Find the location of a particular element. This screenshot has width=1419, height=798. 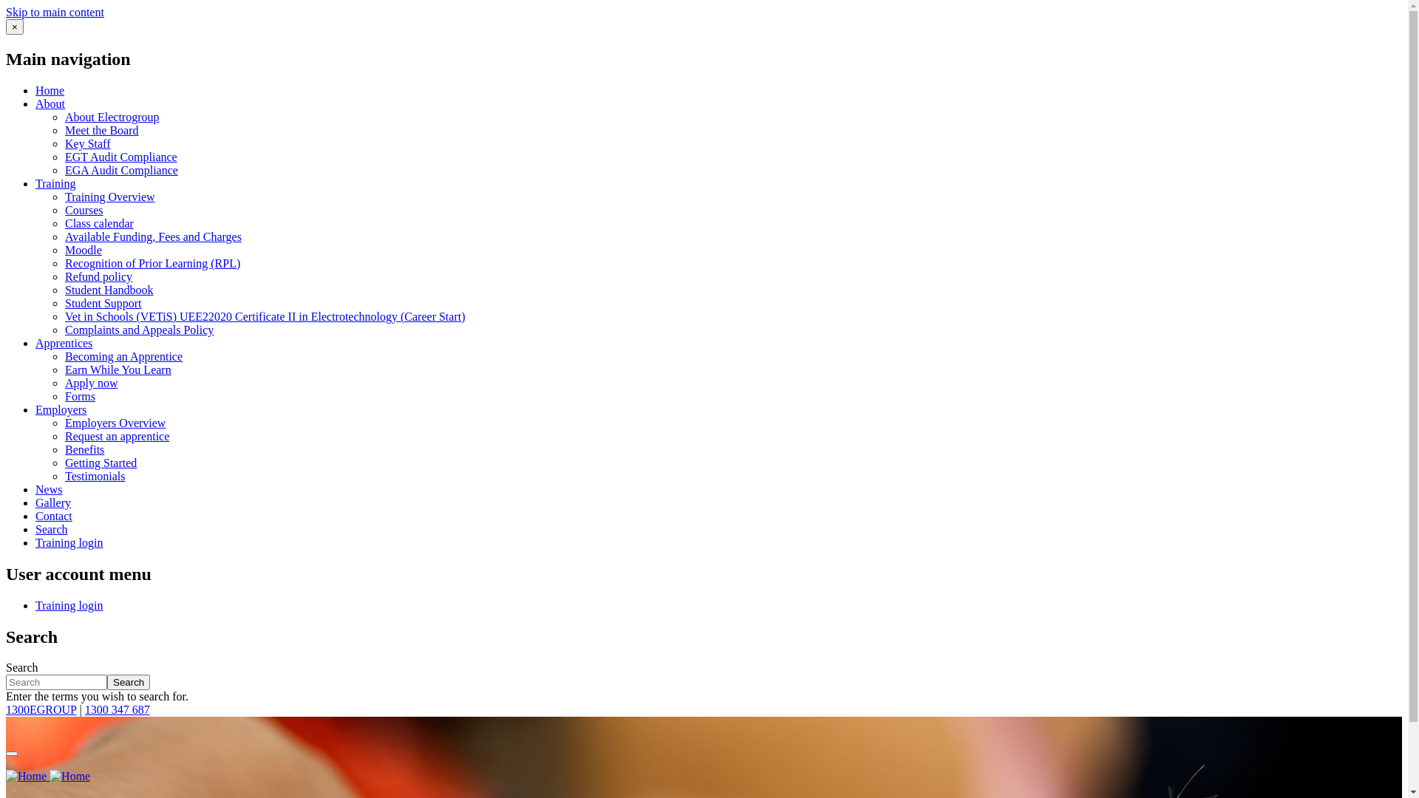

'Becoming an Apprentice' is located at coordinates (123, 356).